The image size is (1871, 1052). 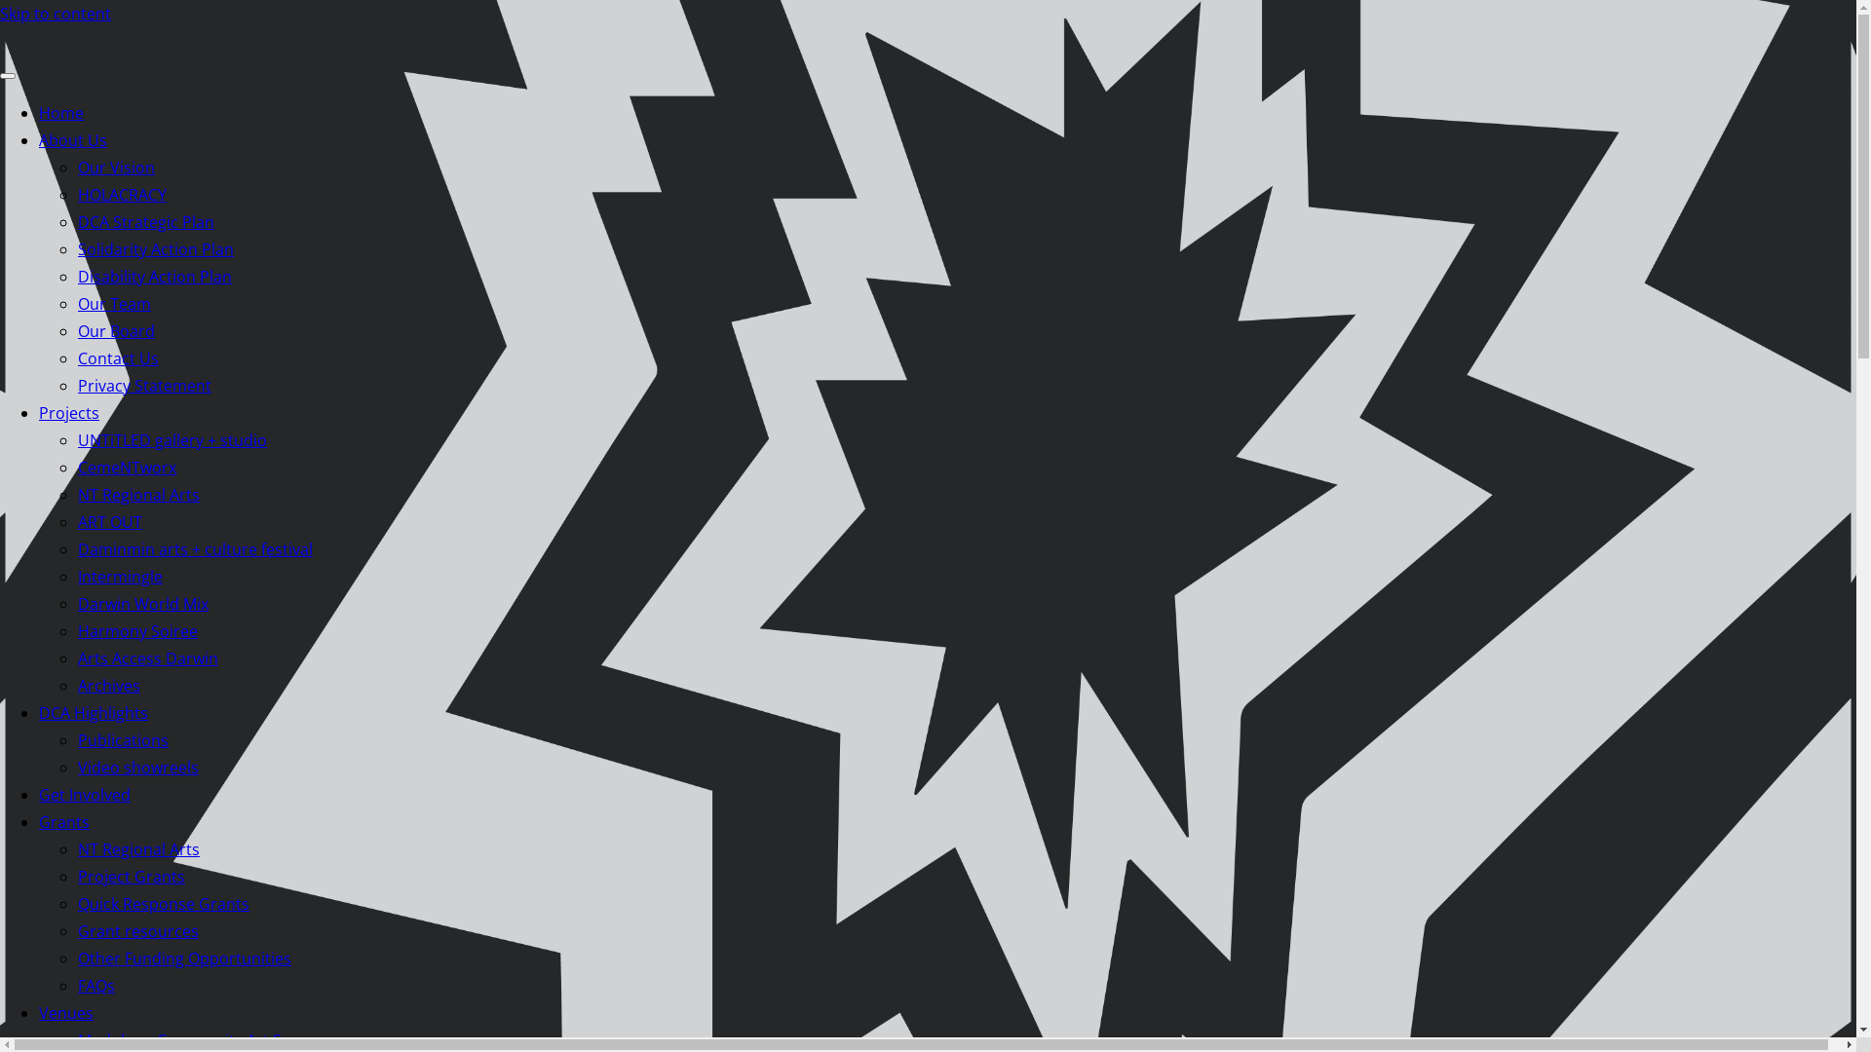 What do you see at coordinates (78, 304) in the screenshot?
I see `'Our Team'` at bounding box center [78, 304].